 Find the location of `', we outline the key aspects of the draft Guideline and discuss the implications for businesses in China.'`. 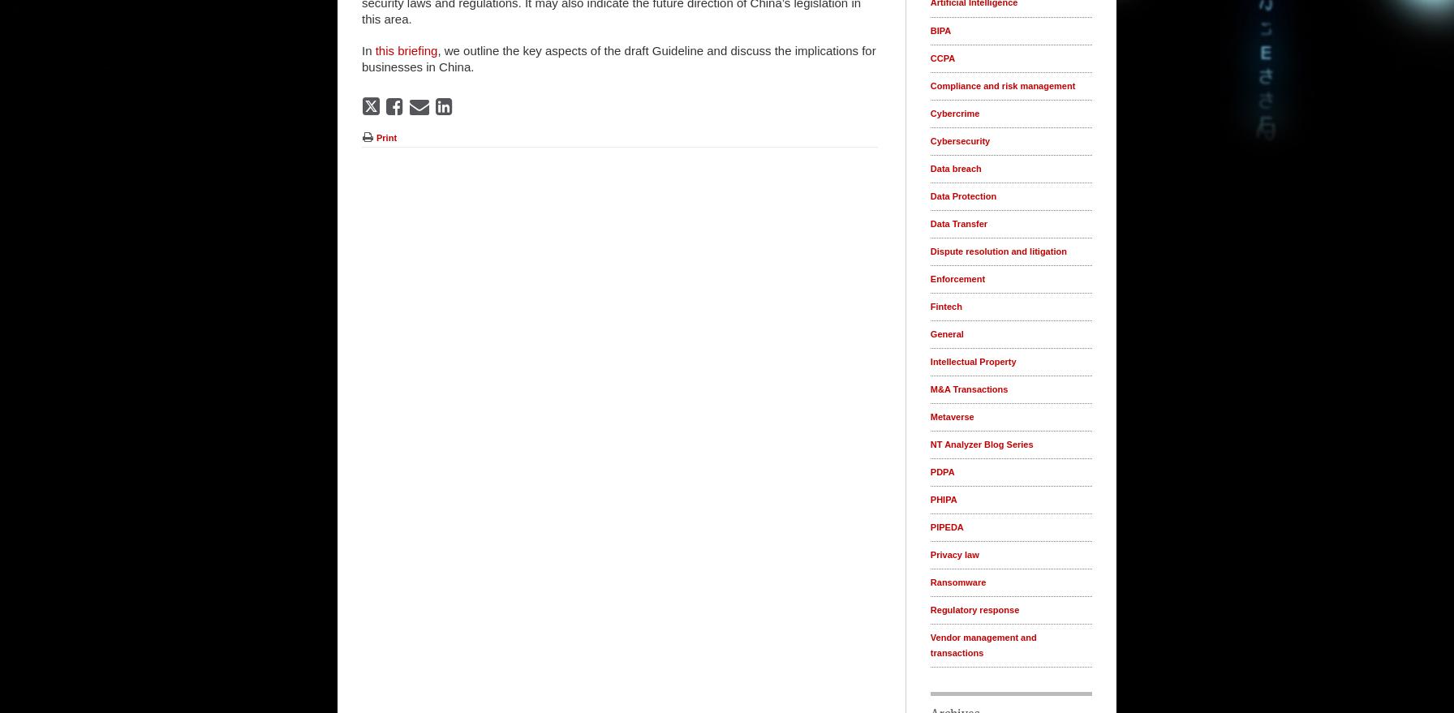

', we outline the key aspects of the draft Guideline and discuss the implications for businesses in China.' is located at coordinates (618, 58).